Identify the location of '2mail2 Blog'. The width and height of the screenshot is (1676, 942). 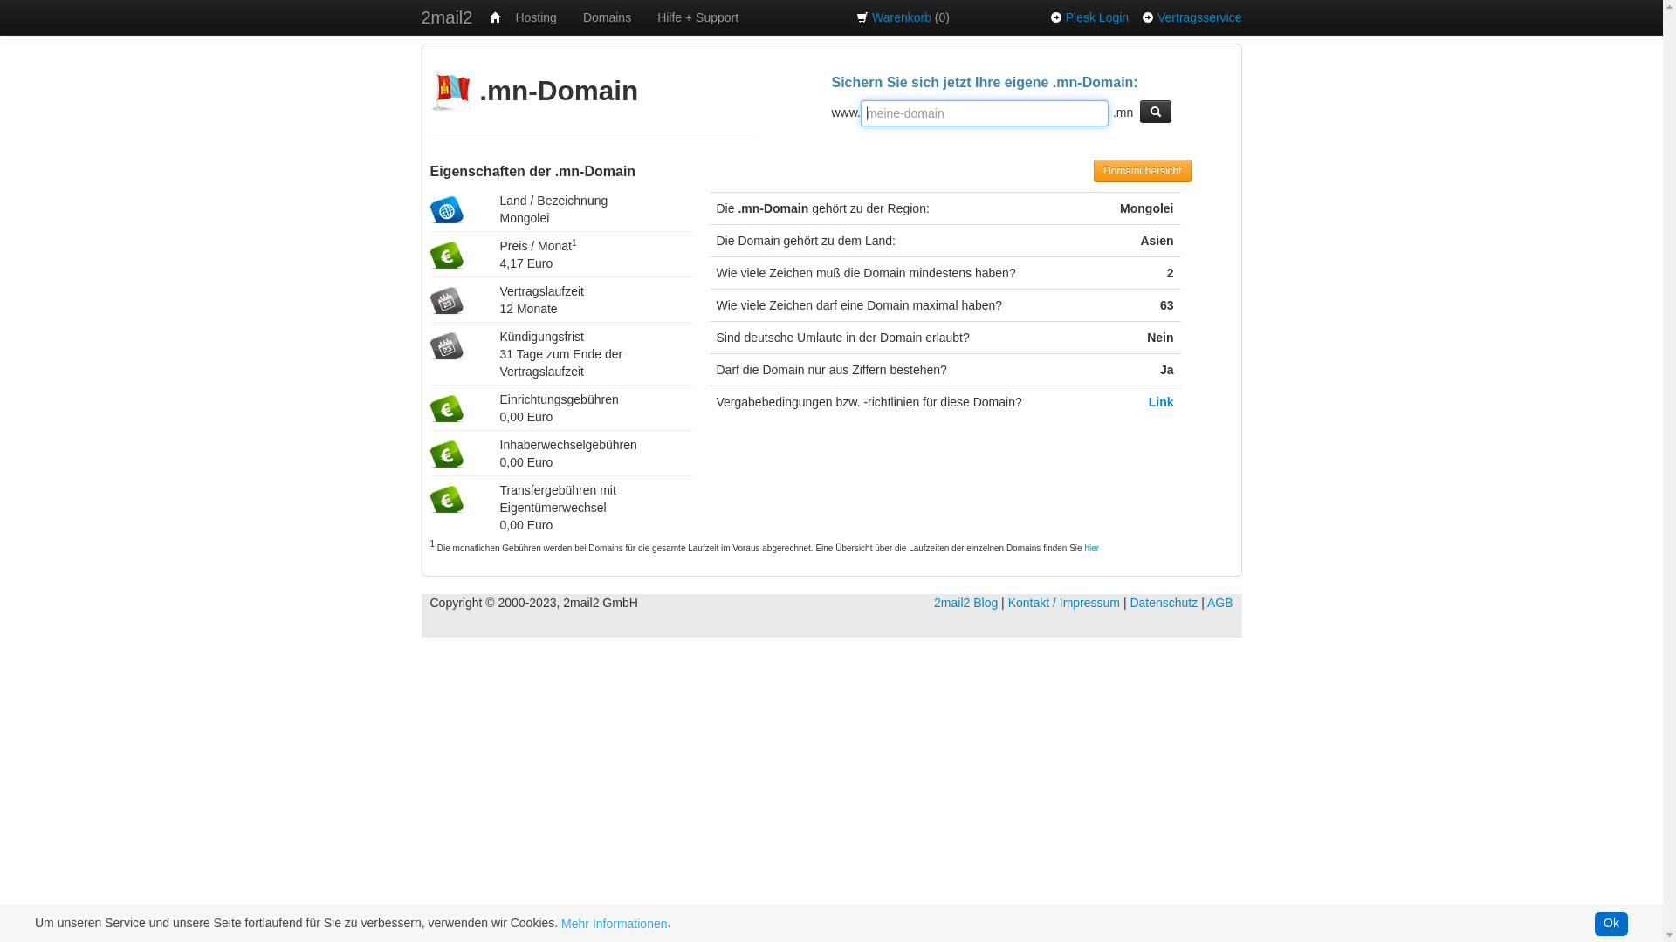
(965, 601).